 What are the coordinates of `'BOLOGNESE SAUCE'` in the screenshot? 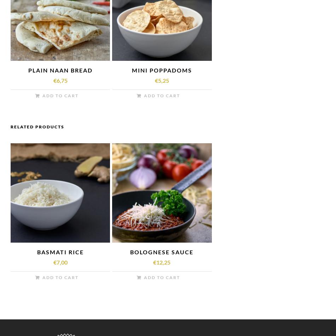 It's located at (161, 252).